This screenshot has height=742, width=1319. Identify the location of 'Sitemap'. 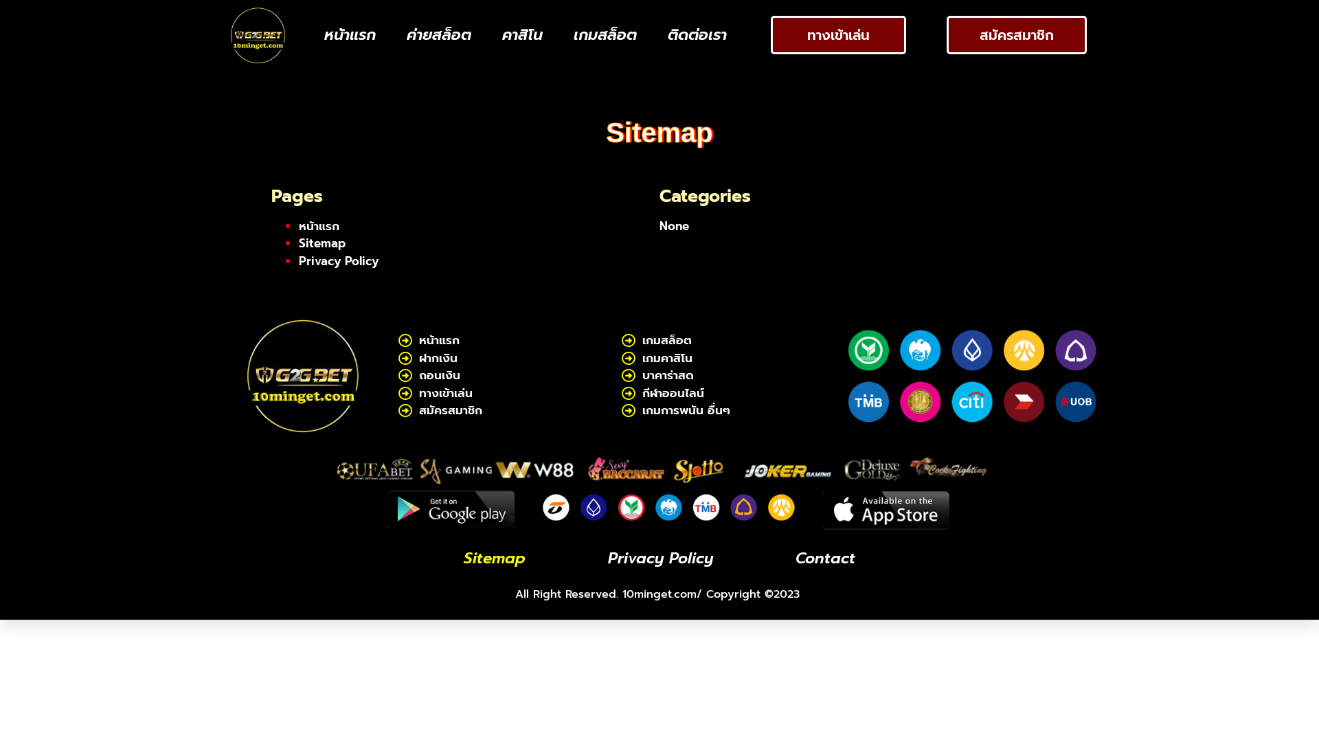
(322, 243).